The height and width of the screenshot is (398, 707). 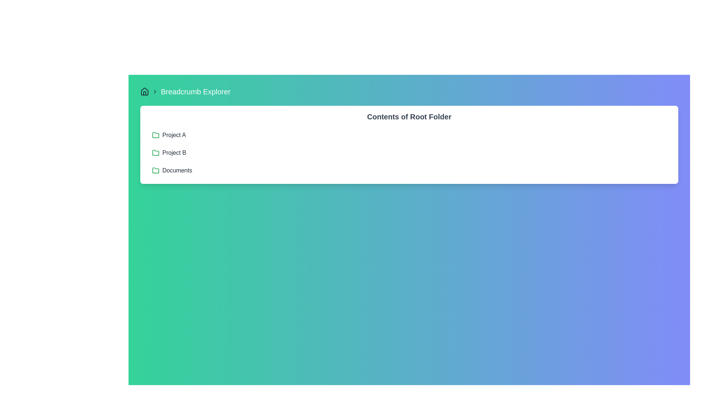 I want to click on the decorative folder icon that enhances the visual identification of the 'Project B' item, located on the left side of the text label in the vertical list, so click(x=155, y=153).